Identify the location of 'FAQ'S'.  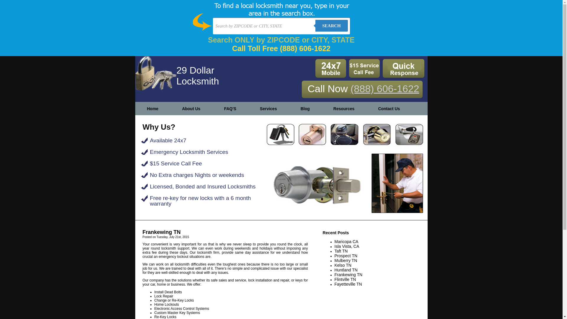
(230, 108).